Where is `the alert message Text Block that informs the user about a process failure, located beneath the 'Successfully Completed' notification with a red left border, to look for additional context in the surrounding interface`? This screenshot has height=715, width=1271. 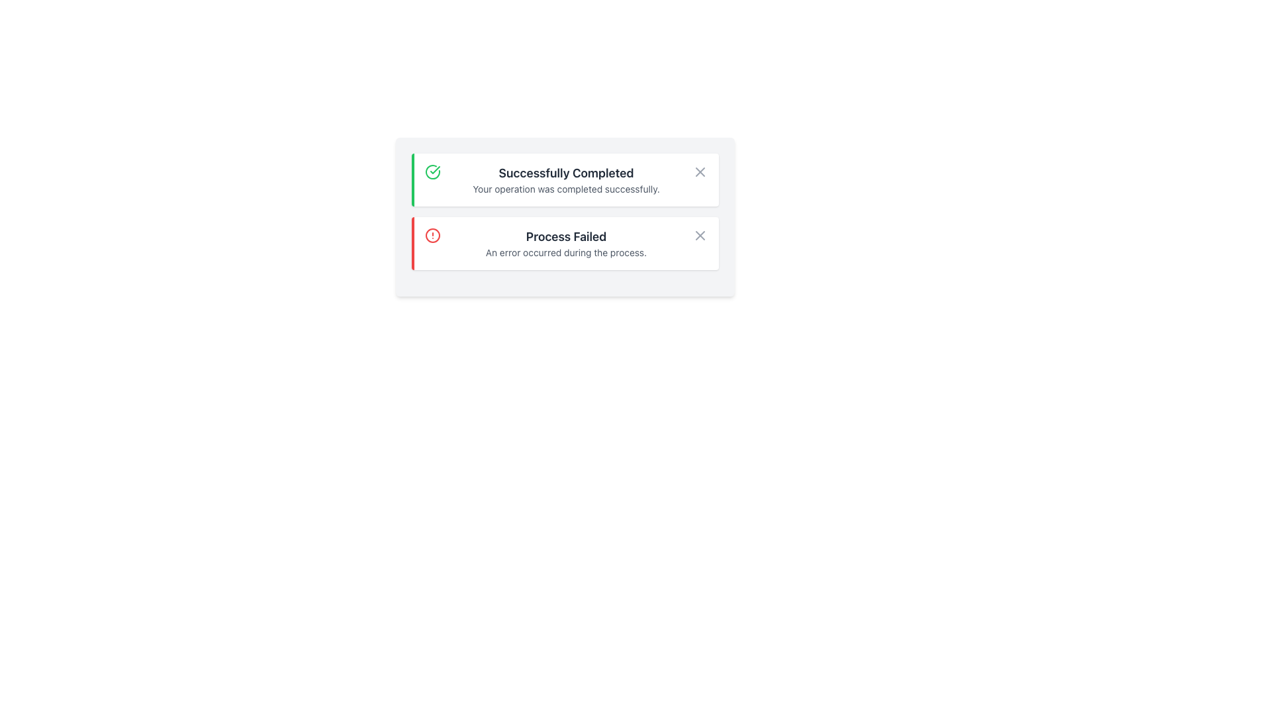 the alert message Text Block that informs the user about a process failure, located beneath the 'Successfully Completed' notification with a red left border, to look for additional context in the surrounding interface is located at coordinates (566, 243).